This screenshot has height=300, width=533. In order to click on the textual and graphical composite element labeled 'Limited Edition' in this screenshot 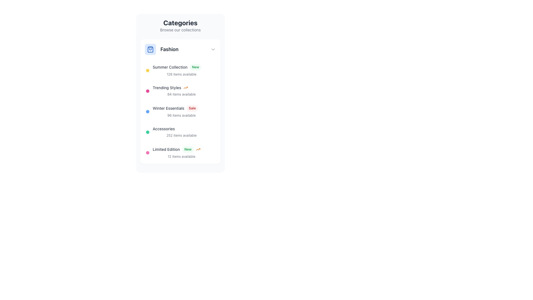, I will do `click(181, 153)`.